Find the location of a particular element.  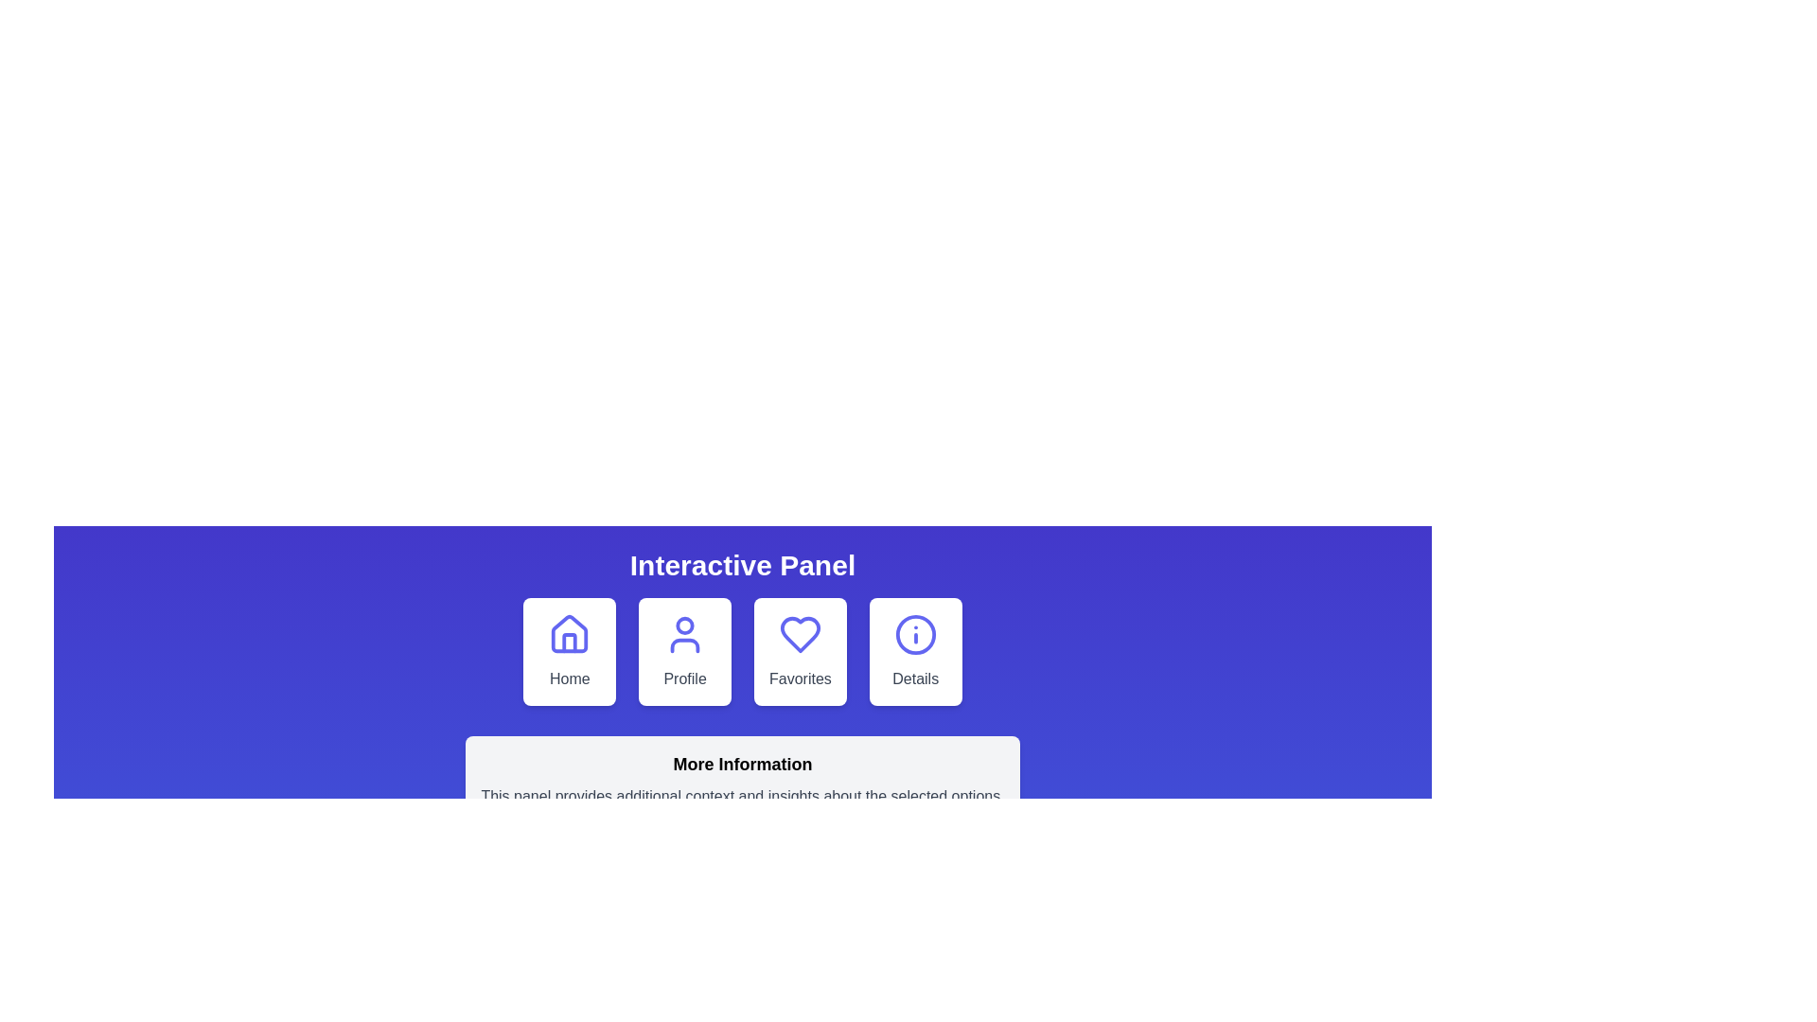

the clickable button at the bottom right of the interactive panel that likely navigates to a details page, located next to the 'Favorites' option is located at coordinates (915, 651).